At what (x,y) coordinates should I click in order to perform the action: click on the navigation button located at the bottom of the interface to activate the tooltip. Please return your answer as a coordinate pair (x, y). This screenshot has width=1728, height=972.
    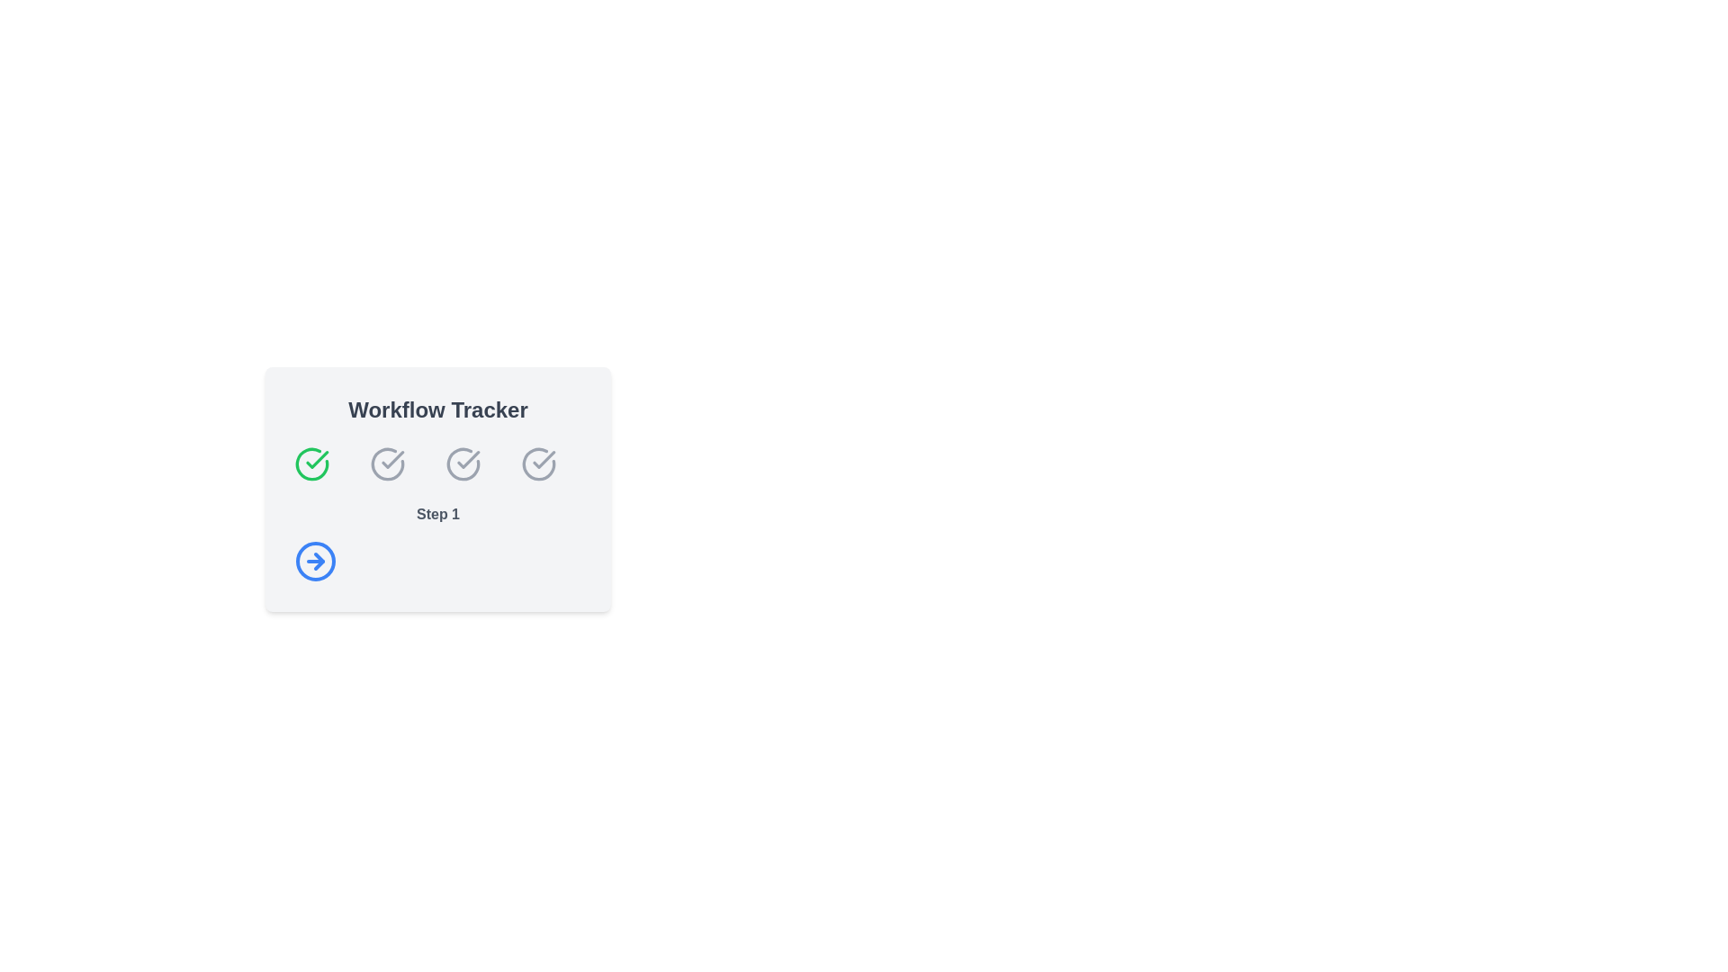
    Looking at the image, I should click on (315, 561).